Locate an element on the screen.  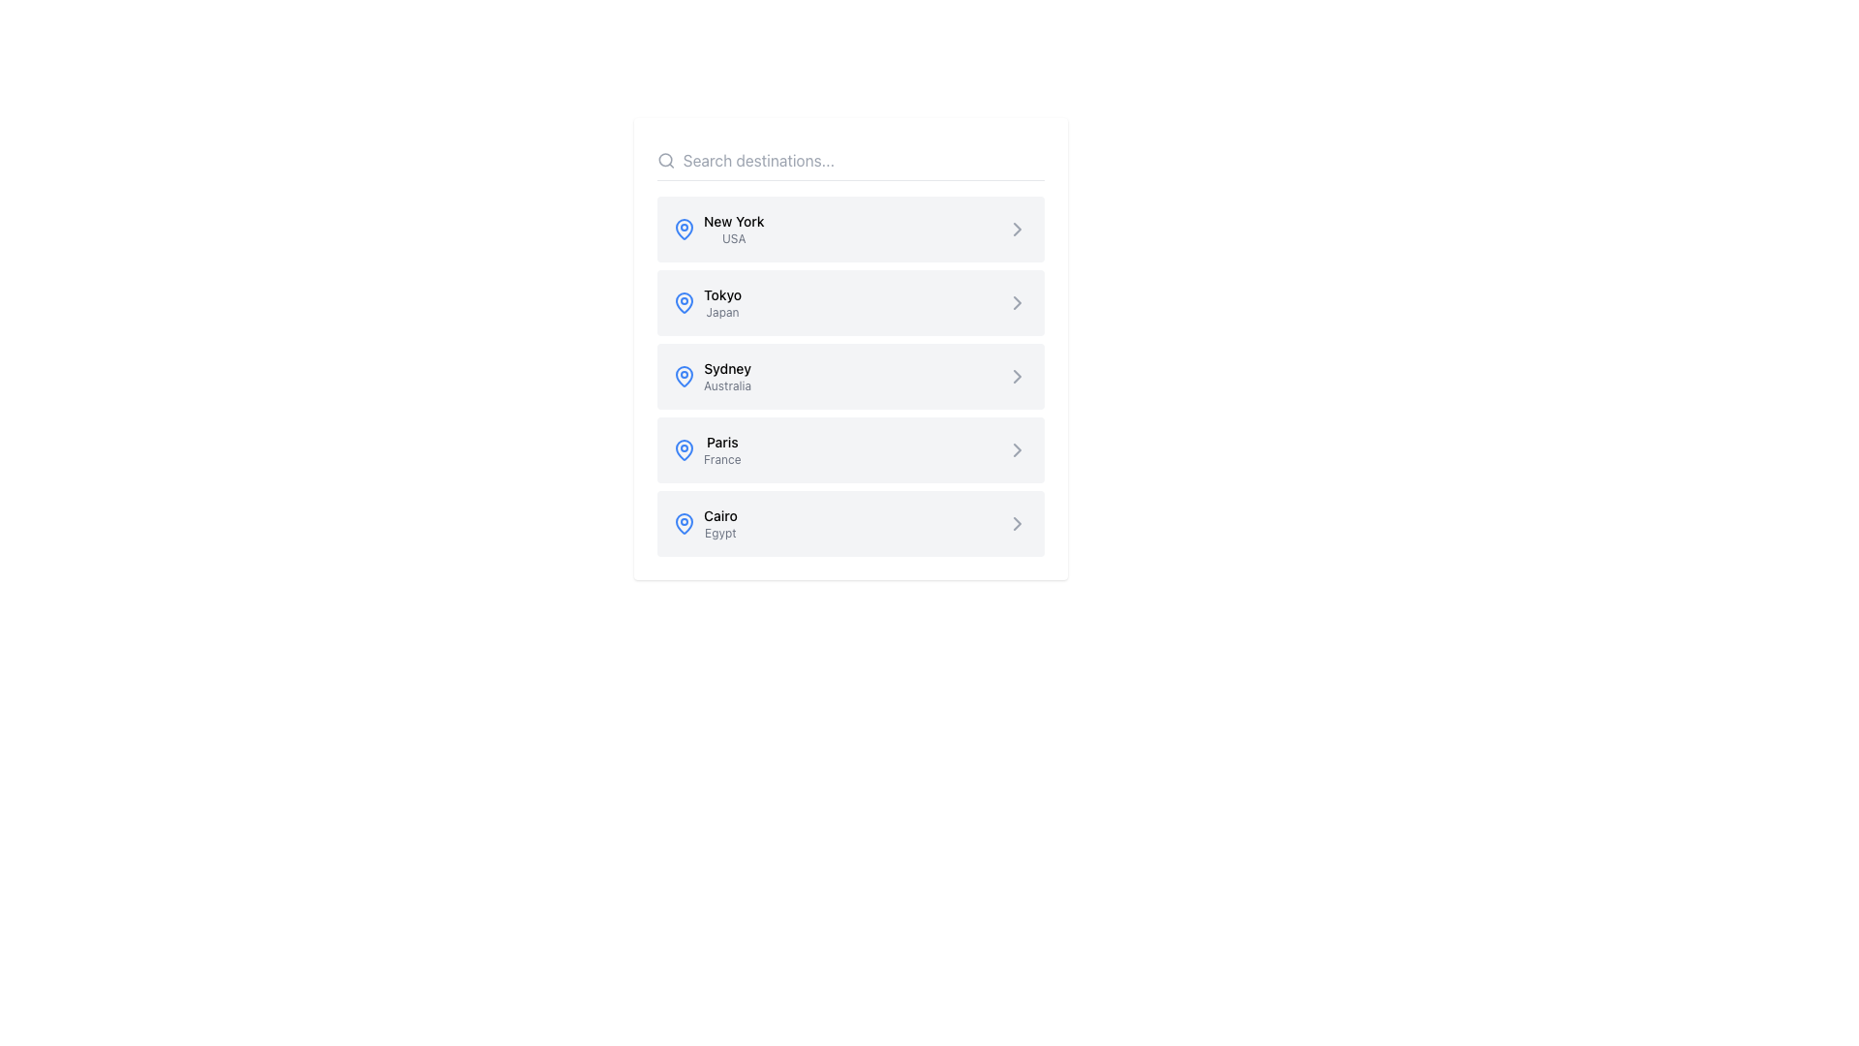
the button representing the destination option for 'Sydney, Australia' is located at coordinates (850, 347).